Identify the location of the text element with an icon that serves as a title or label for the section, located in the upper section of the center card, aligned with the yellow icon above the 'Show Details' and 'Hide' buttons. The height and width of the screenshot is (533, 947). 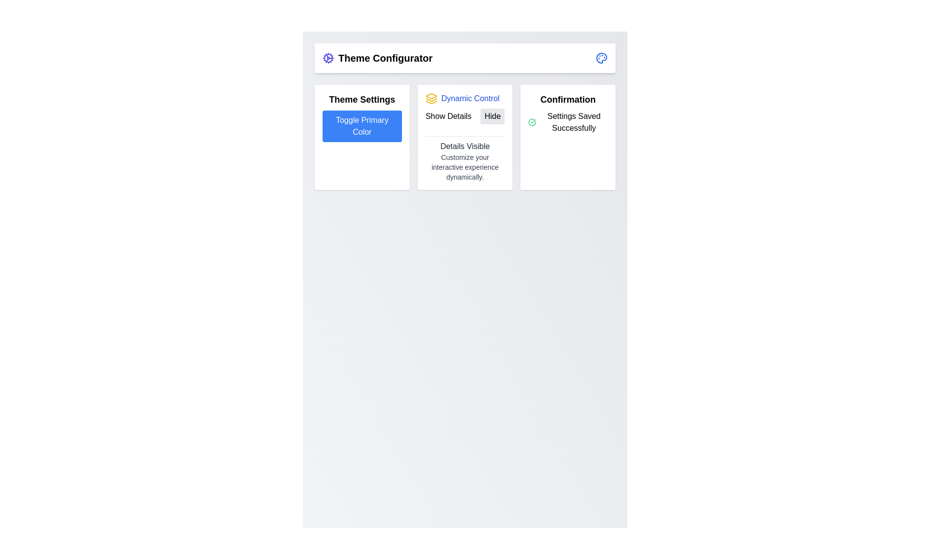
(464, 99).